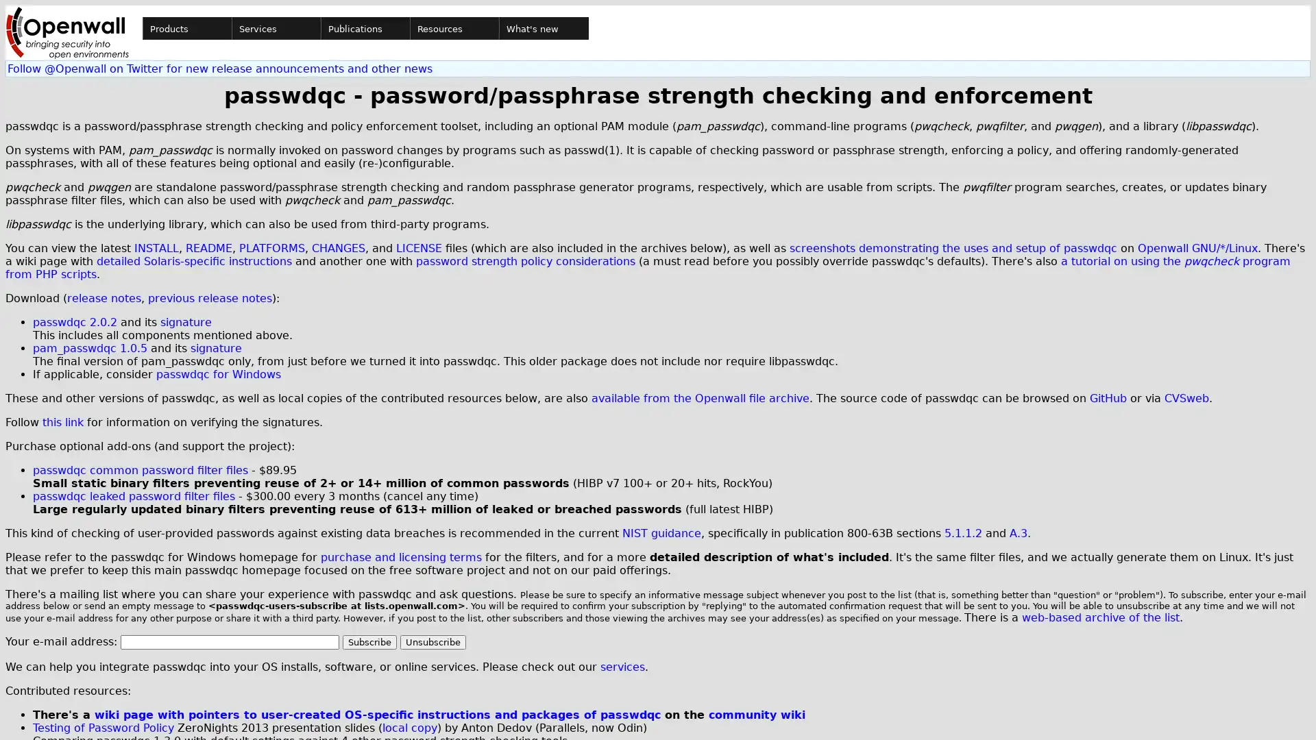  What do you see at coordinates (432, 642) in the screenshot?
I see `Unsubscribe` at bounding box center [432, 642].